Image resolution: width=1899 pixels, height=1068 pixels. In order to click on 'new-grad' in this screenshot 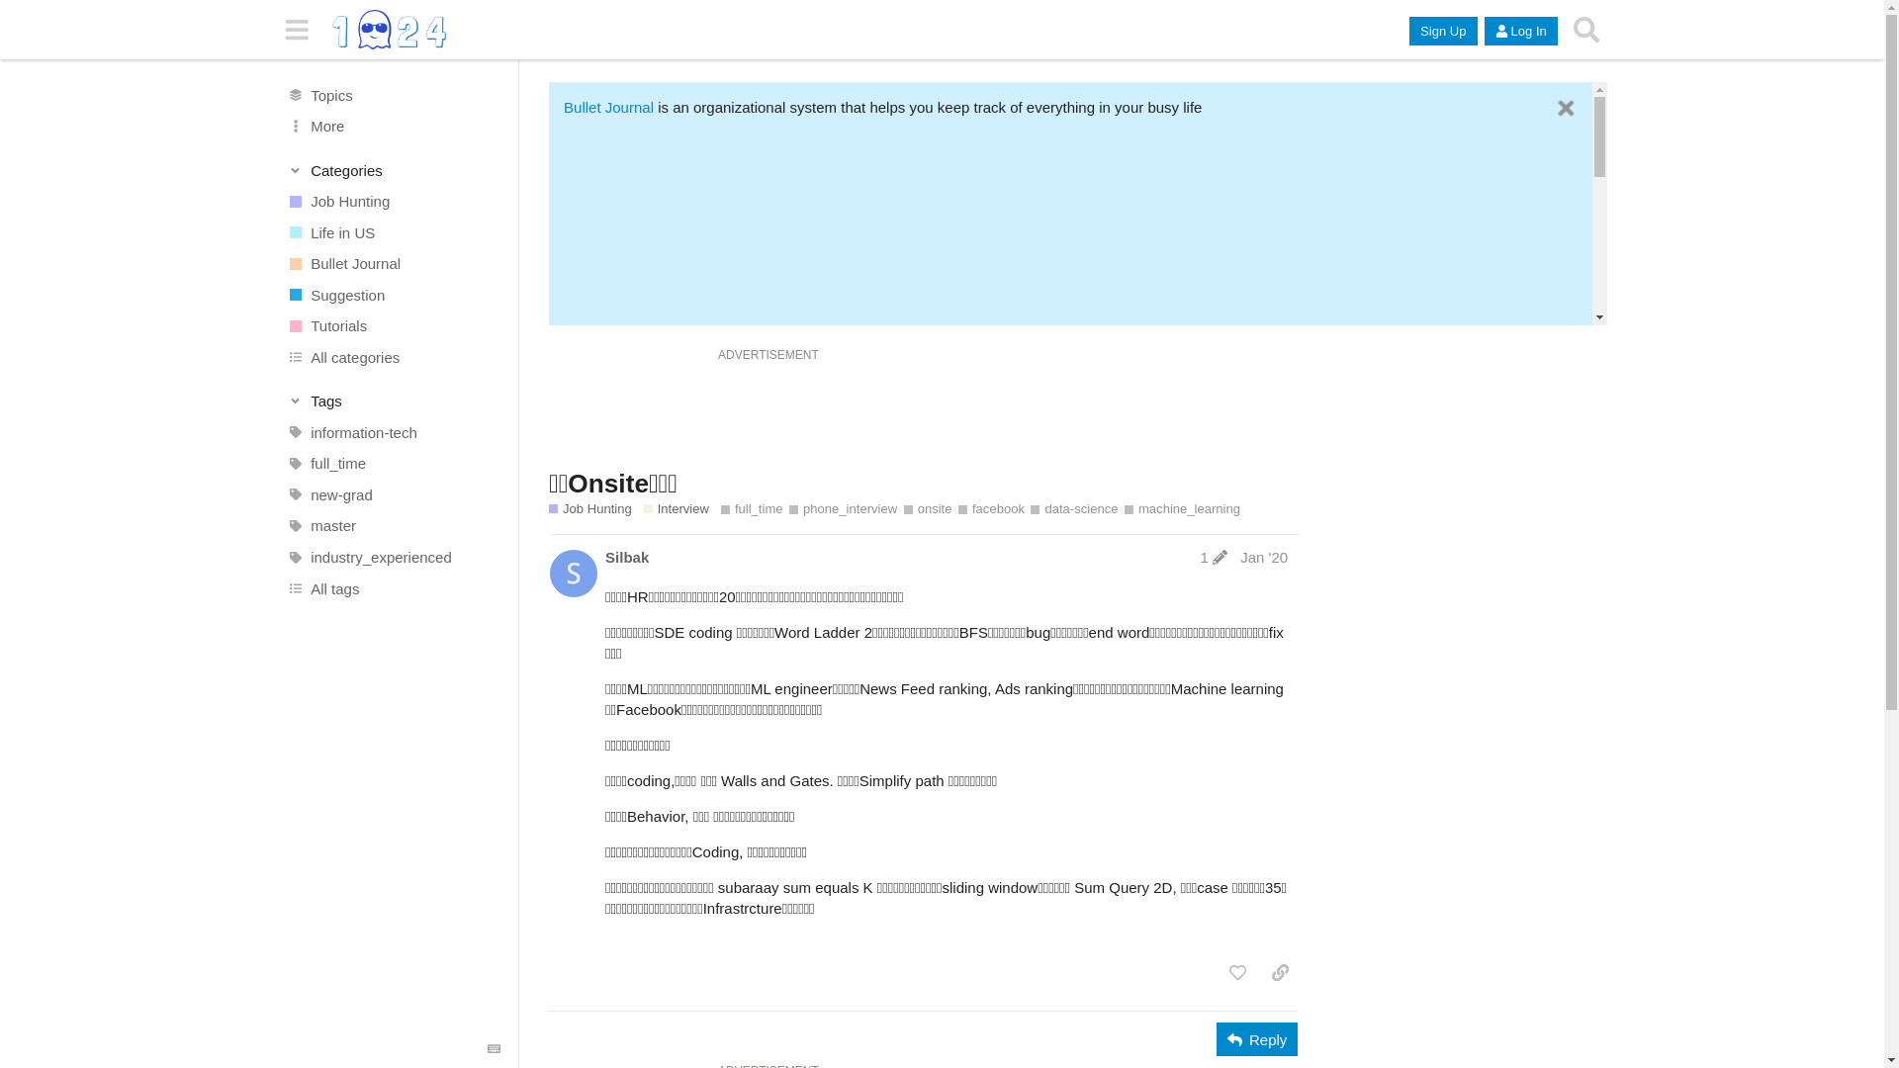, I will do `click(393, 494)`.